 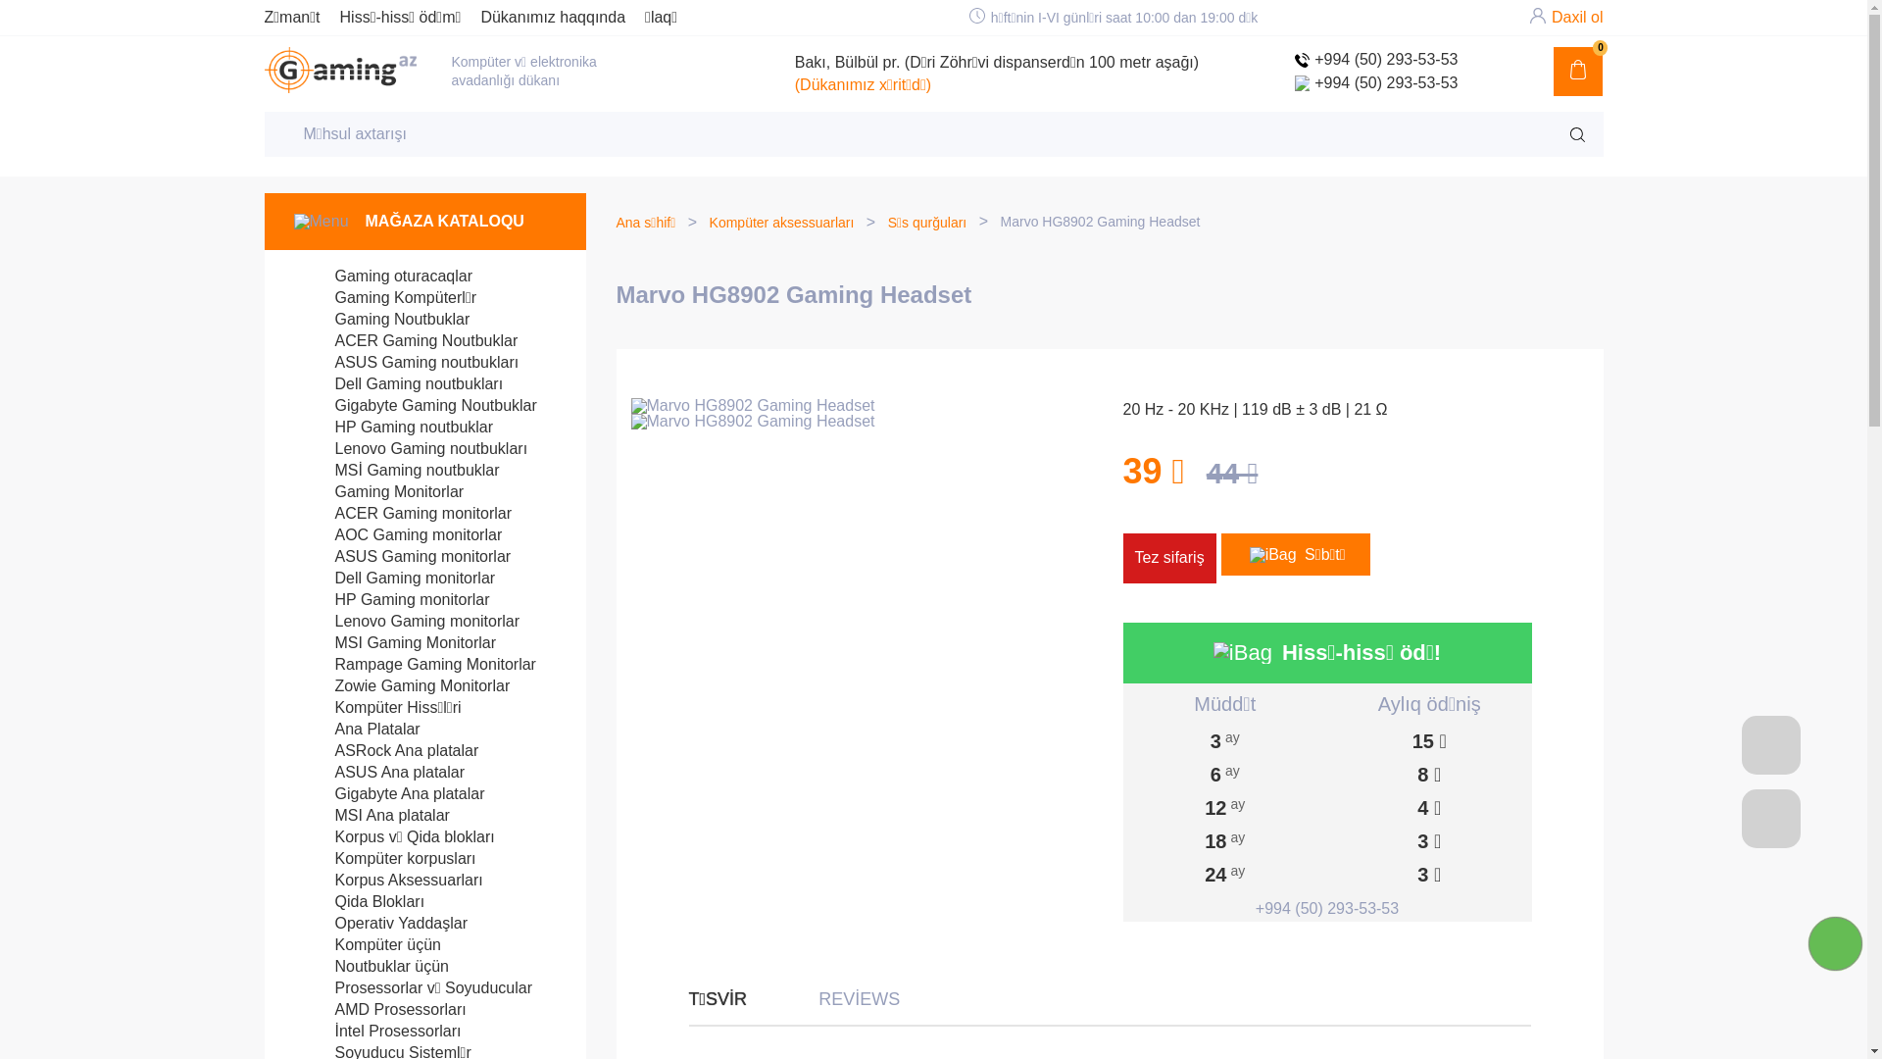 I want to click on 'ACER Gaming Noutbuklar', so click(x=405, y=339).